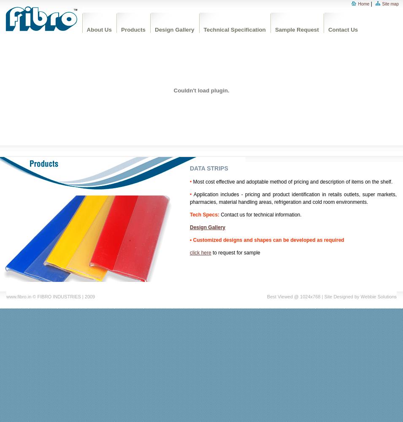 This screenshot has height=422, width=403. Describe the element at coordinates (296, 29) in the screenshot. I see `'Sample Request'` at that location.